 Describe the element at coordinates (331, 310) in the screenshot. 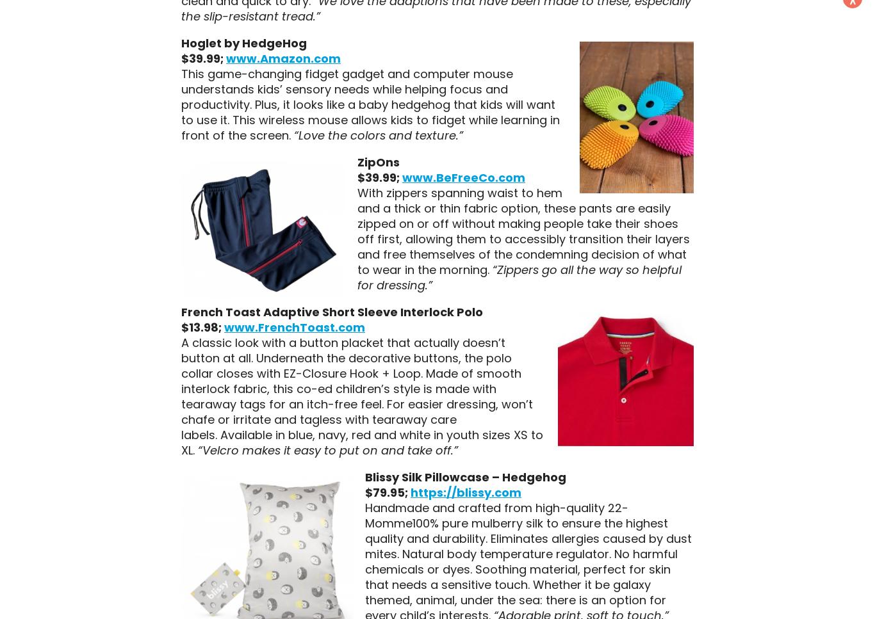

I see `'French Toast Adaptive Short Sleeve Interlock Polo'` at that location.